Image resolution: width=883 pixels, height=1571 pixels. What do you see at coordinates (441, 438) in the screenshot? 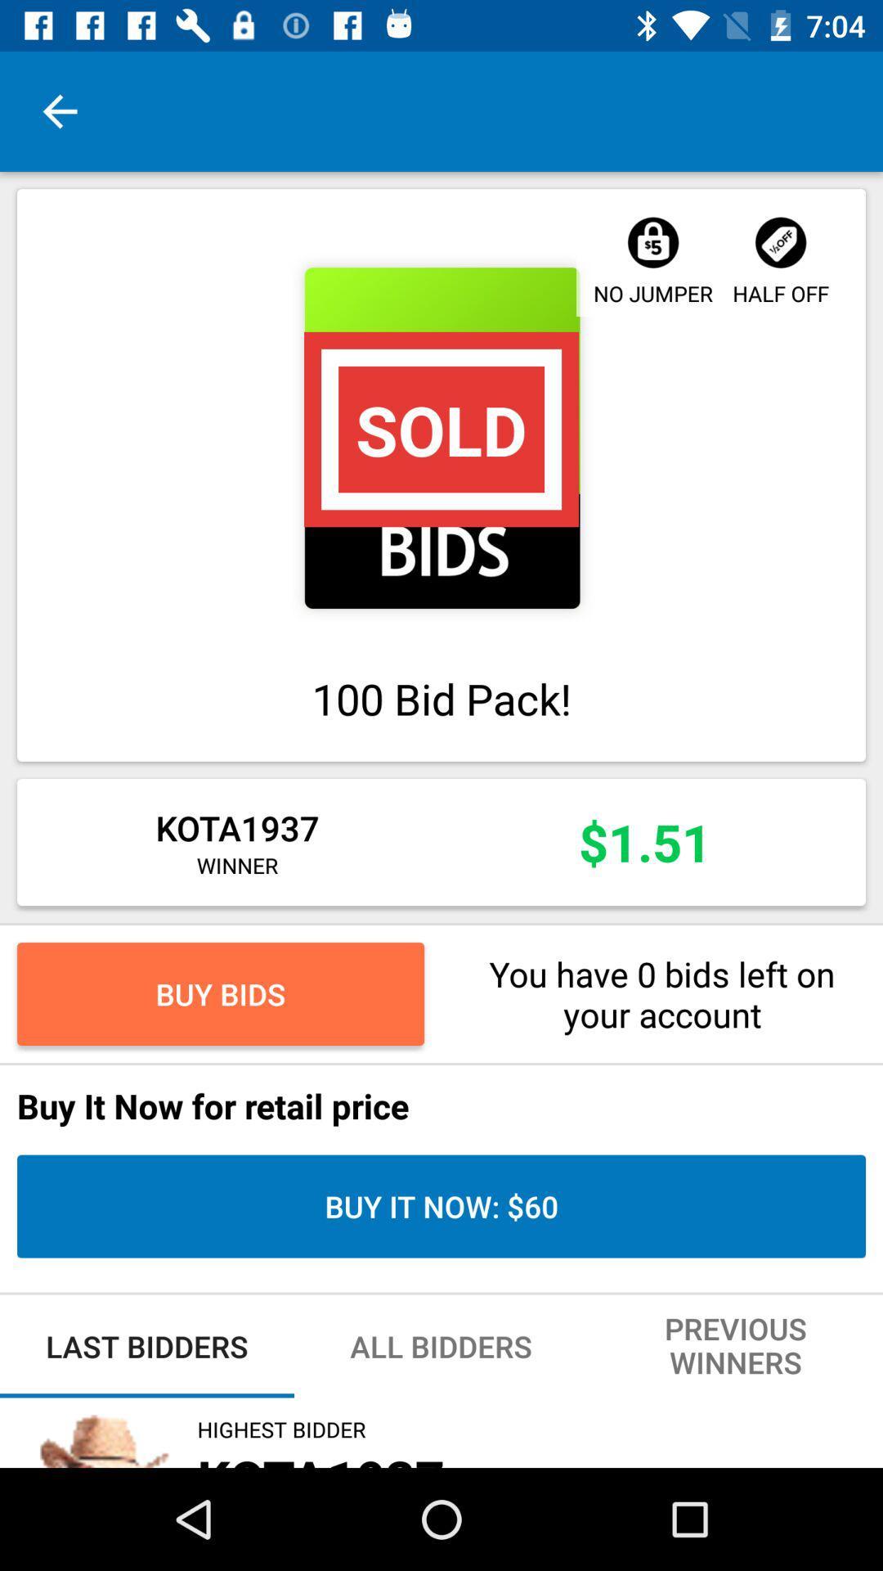
I see `image` at bounding box center [441, 438].